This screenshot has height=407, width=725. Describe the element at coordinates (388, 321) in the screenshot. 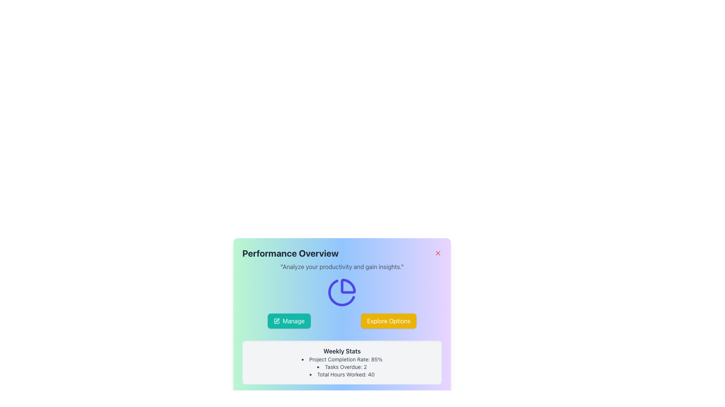

I see `the 'Explore Options' button located in the 'Performance Overview' dialog box, near the bottom-right corner` at that location.